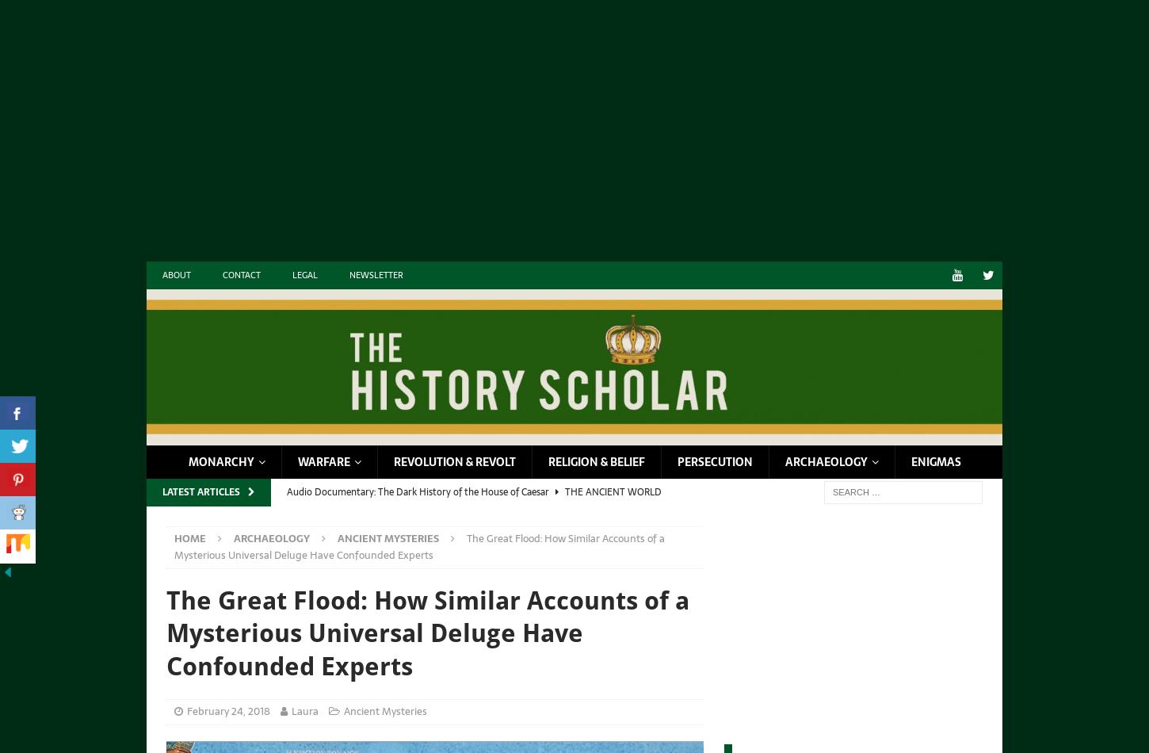 Image resolution: width=1149 pixels, height=753 pixels. Describe the element at coordinates (287, 491) in the screenshot. I see `'Audio Documentary: The Dark History of the House of Caesar'` at that location.